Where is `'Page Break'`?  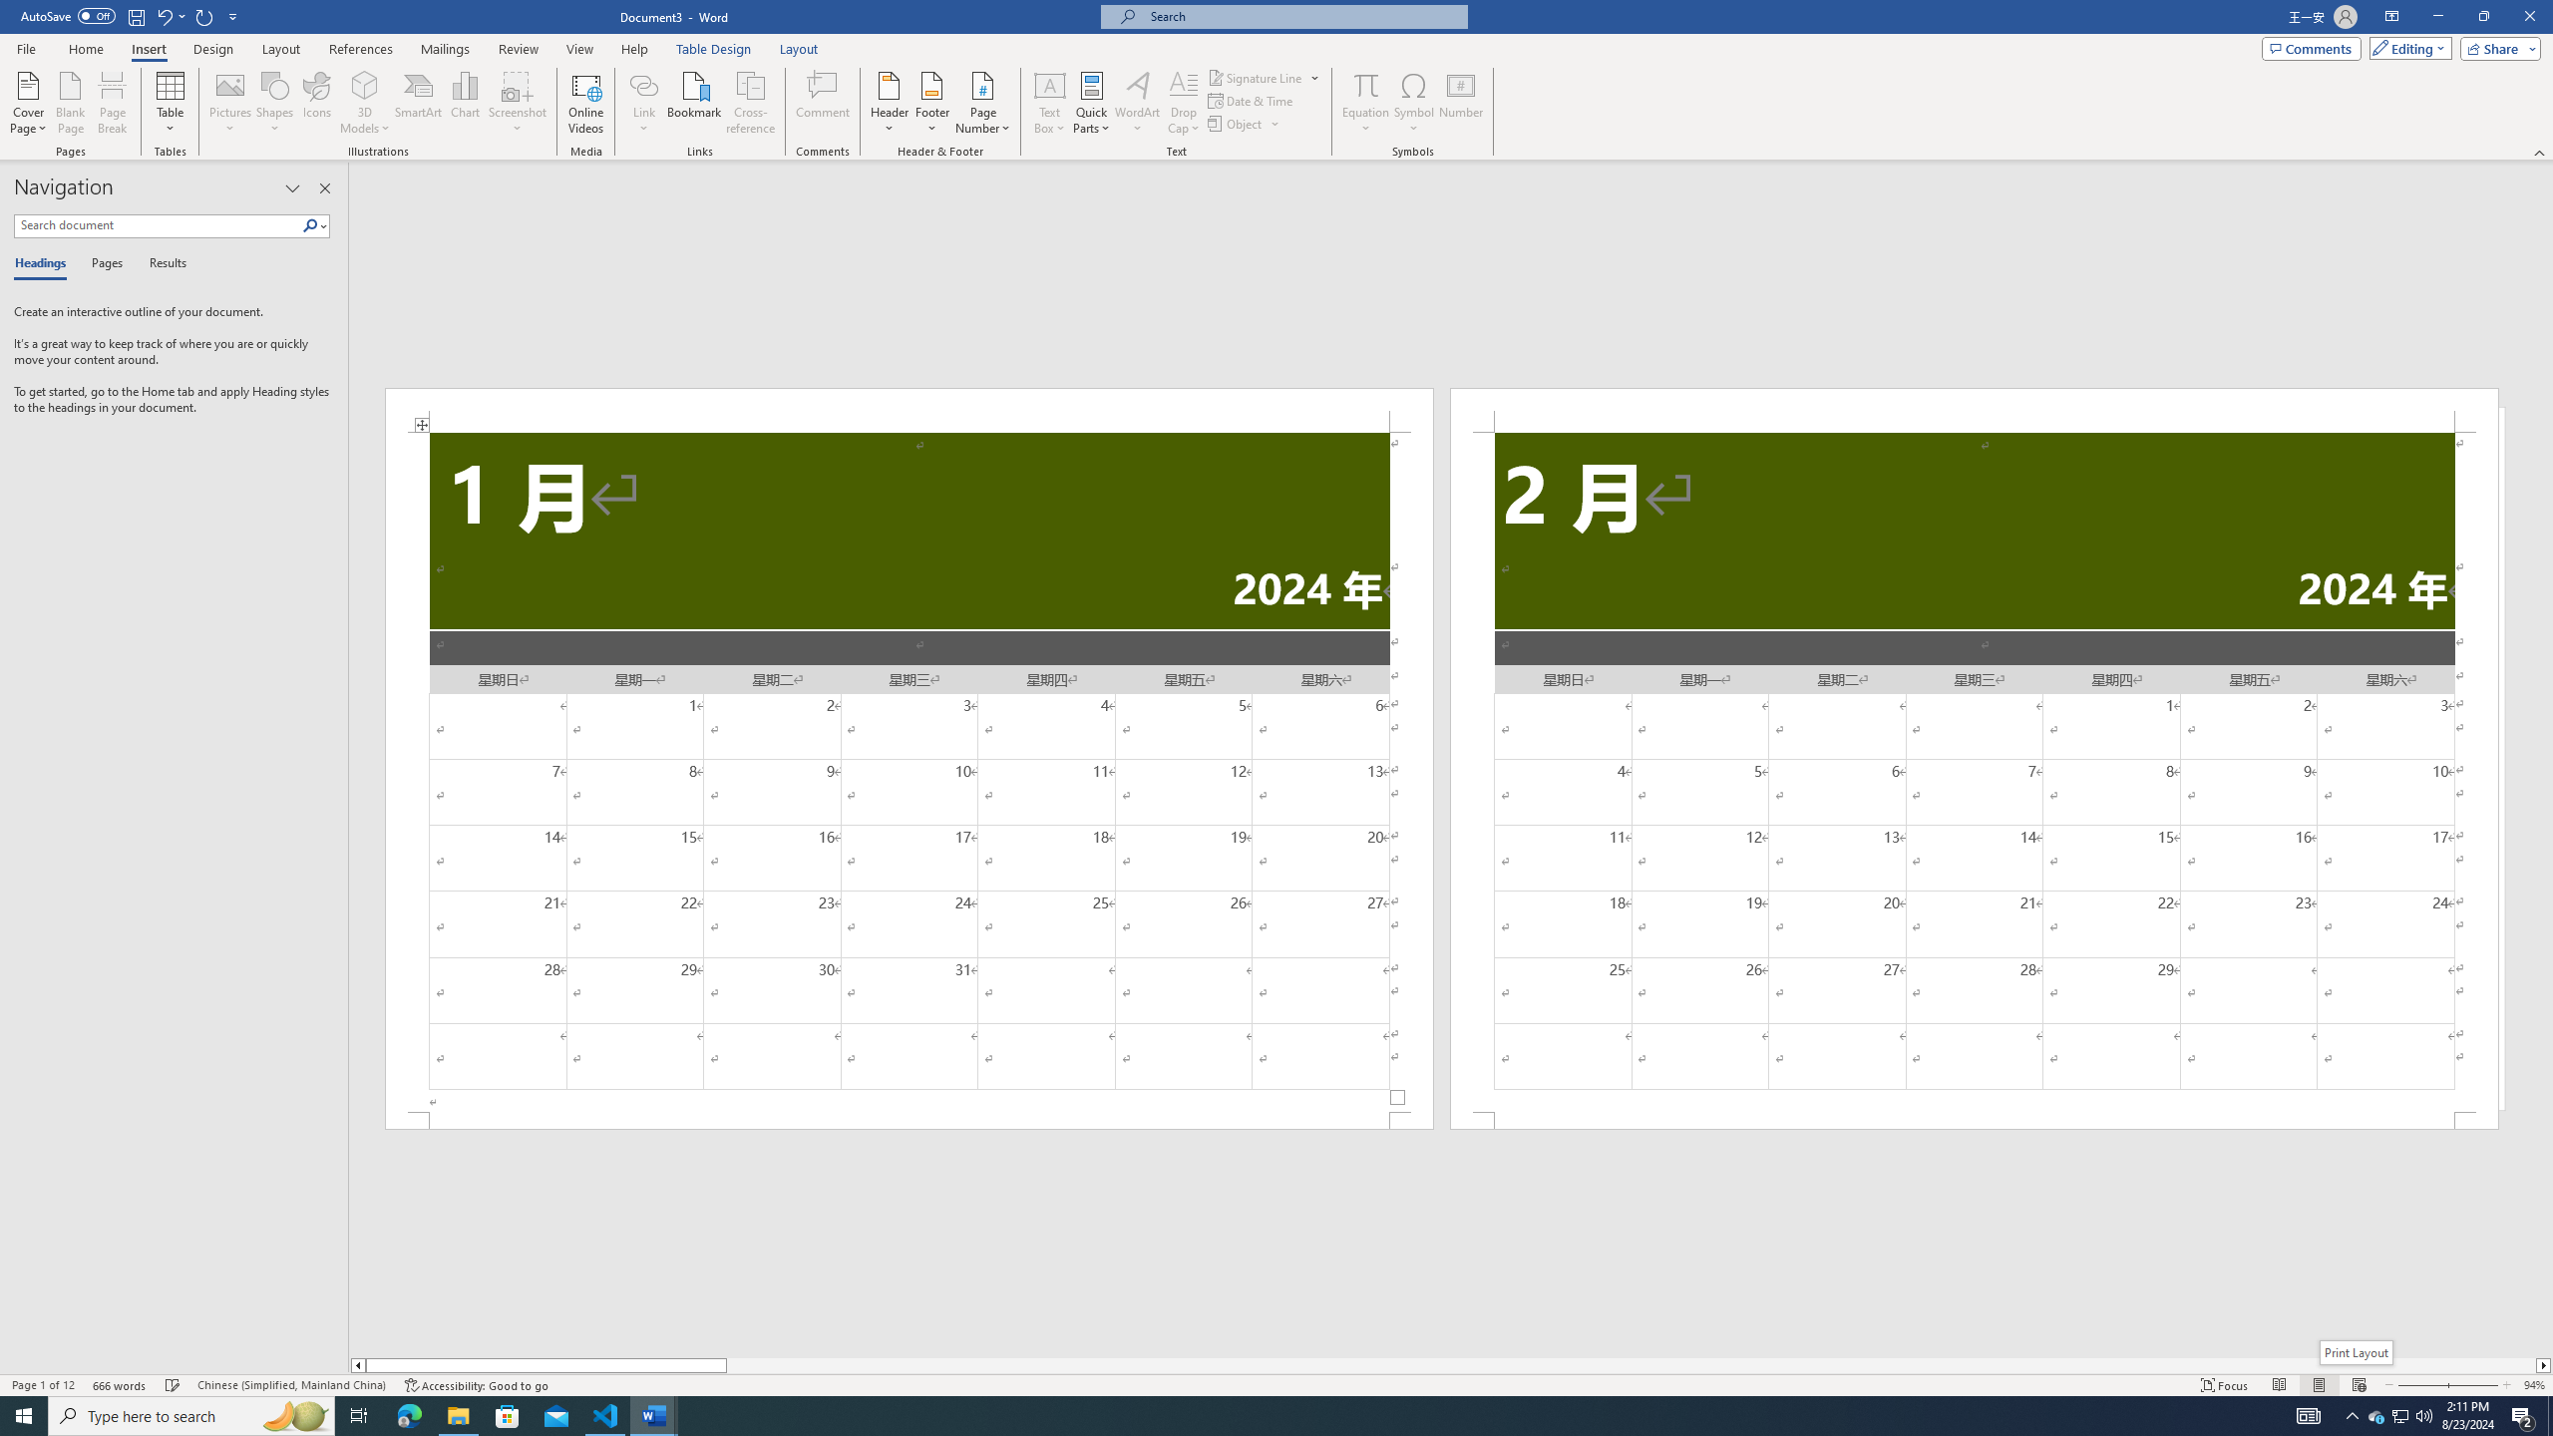
'Page Break' is located at coordinates (111, 103).